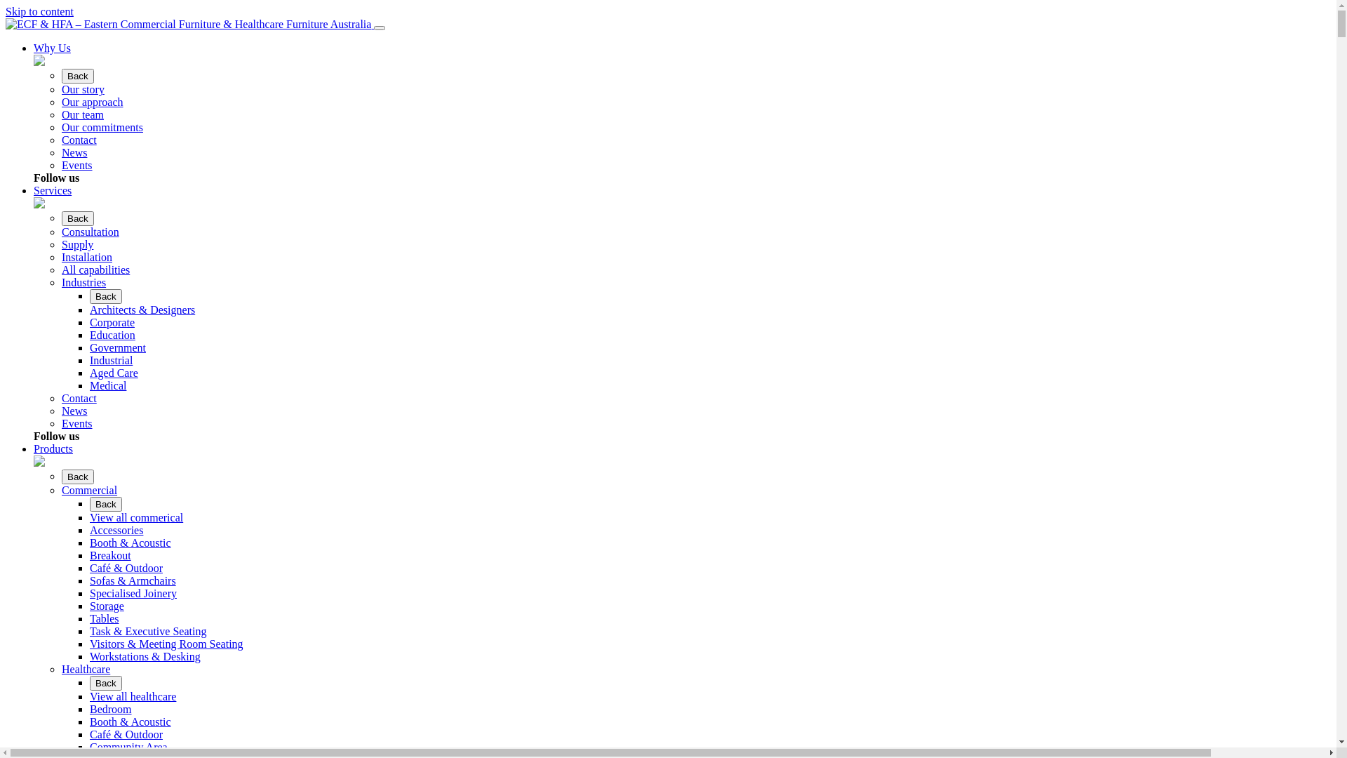  I want to click on 'Medical', so click(107, 385).